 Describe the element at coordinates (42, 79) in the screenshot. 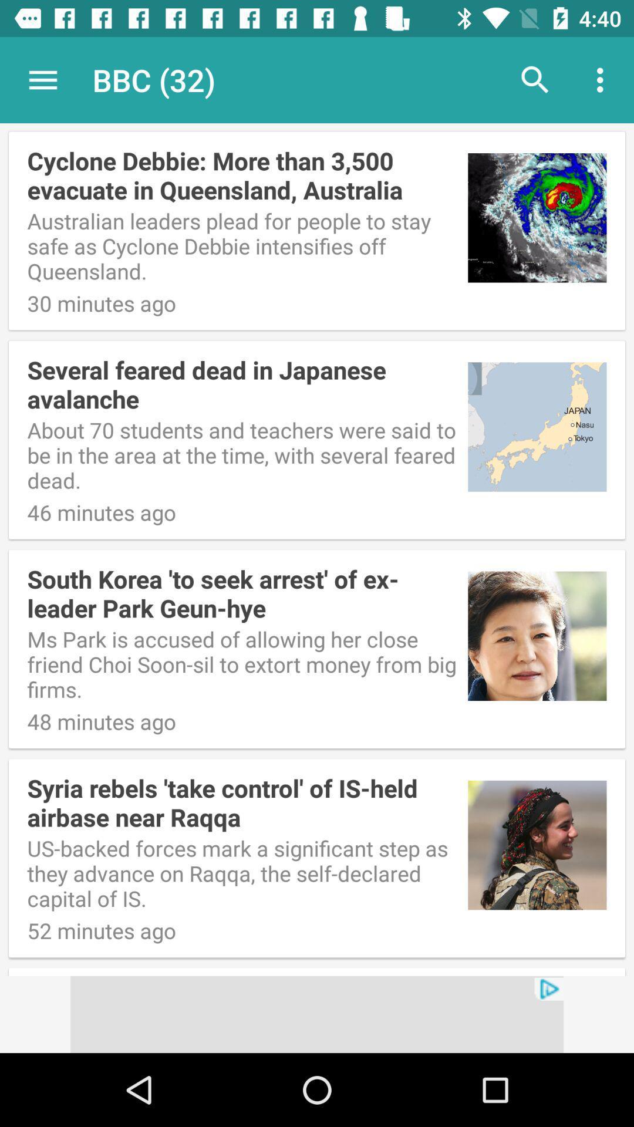

I see `icon above cyclone debbie more app` at that location.